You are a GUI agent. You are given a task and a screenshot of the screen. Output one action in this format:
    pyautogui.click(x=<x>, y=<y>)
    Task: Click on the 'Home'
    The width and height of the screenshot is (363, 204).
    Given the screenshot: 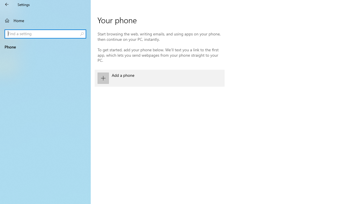 What is the action you would take?
    pyautogui.click(x=45, y=20)
    